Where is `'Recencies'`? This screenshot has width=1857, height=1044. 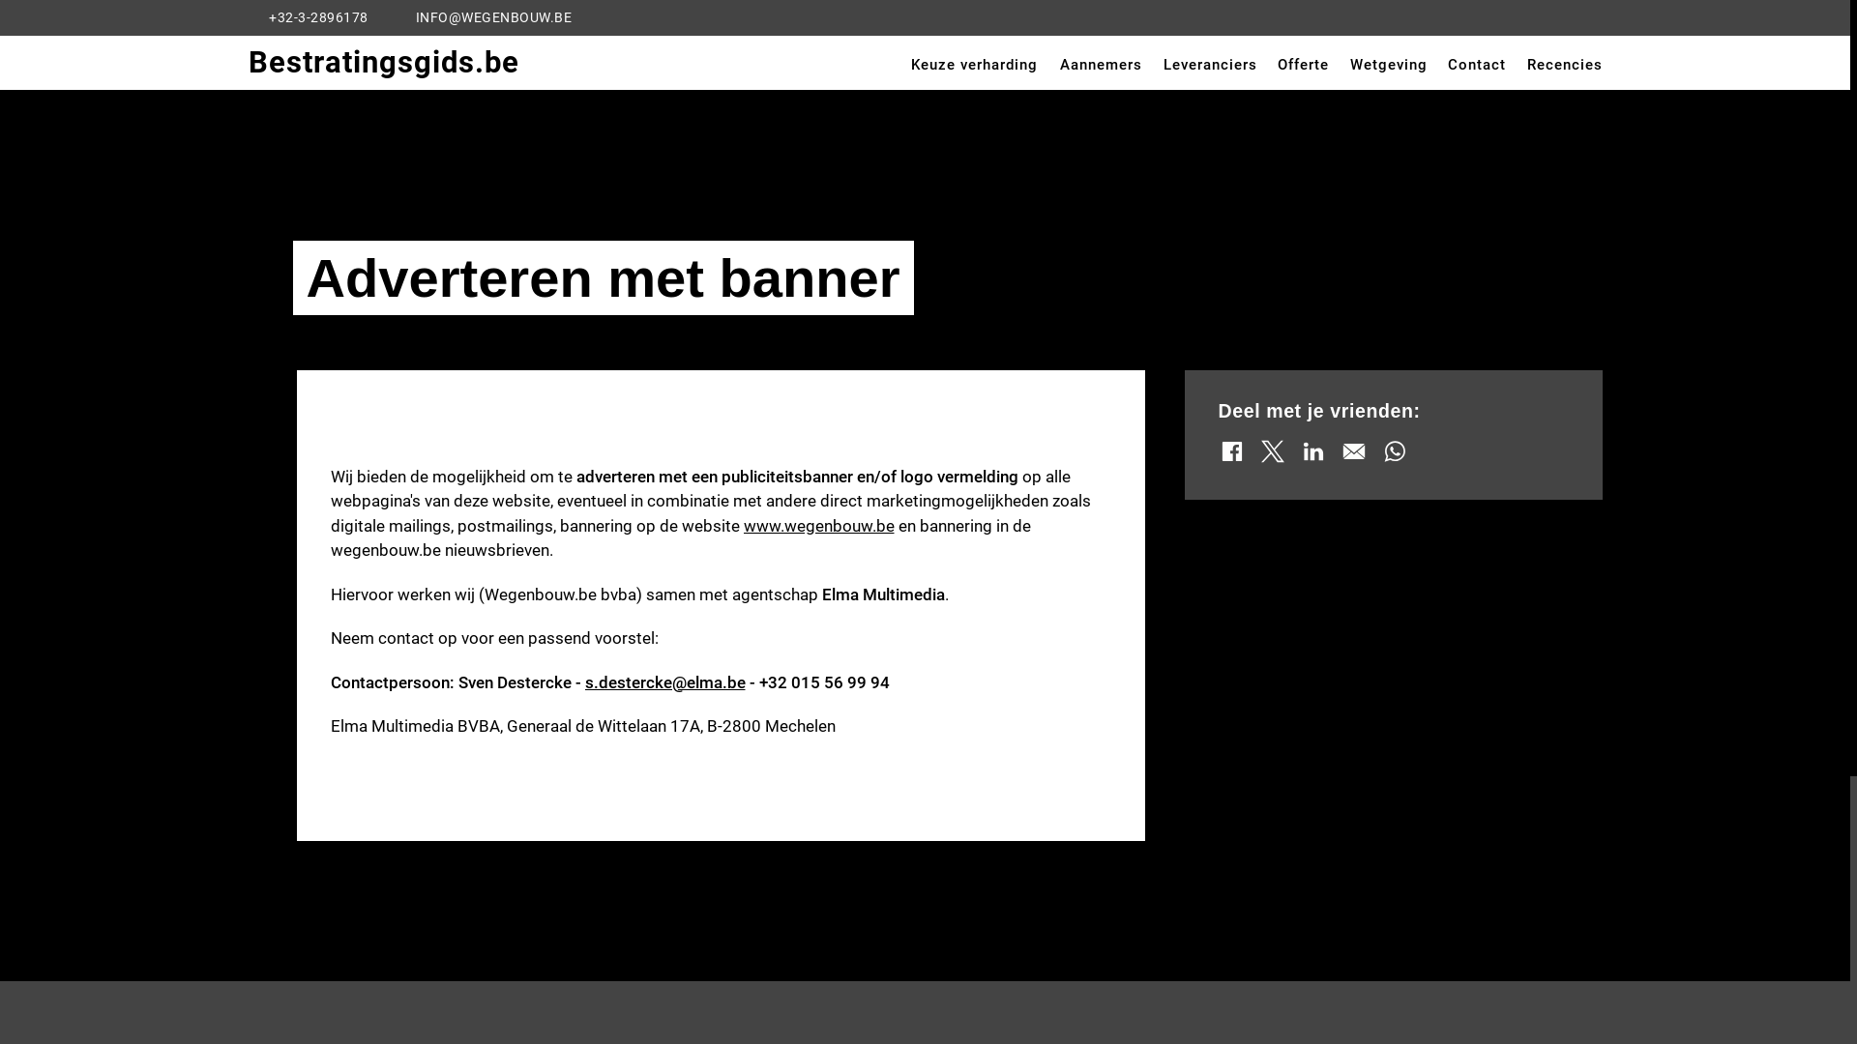
'Recencies' is located at coordinates (1564, 66).